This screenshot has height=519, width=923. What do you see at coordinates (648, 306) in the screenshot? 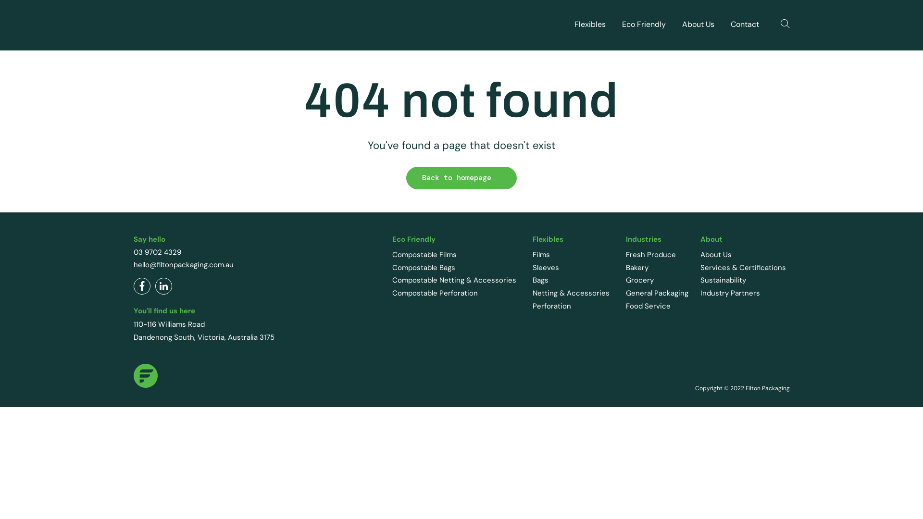
I see `'Food Service'` at bounding box center [648, 306].